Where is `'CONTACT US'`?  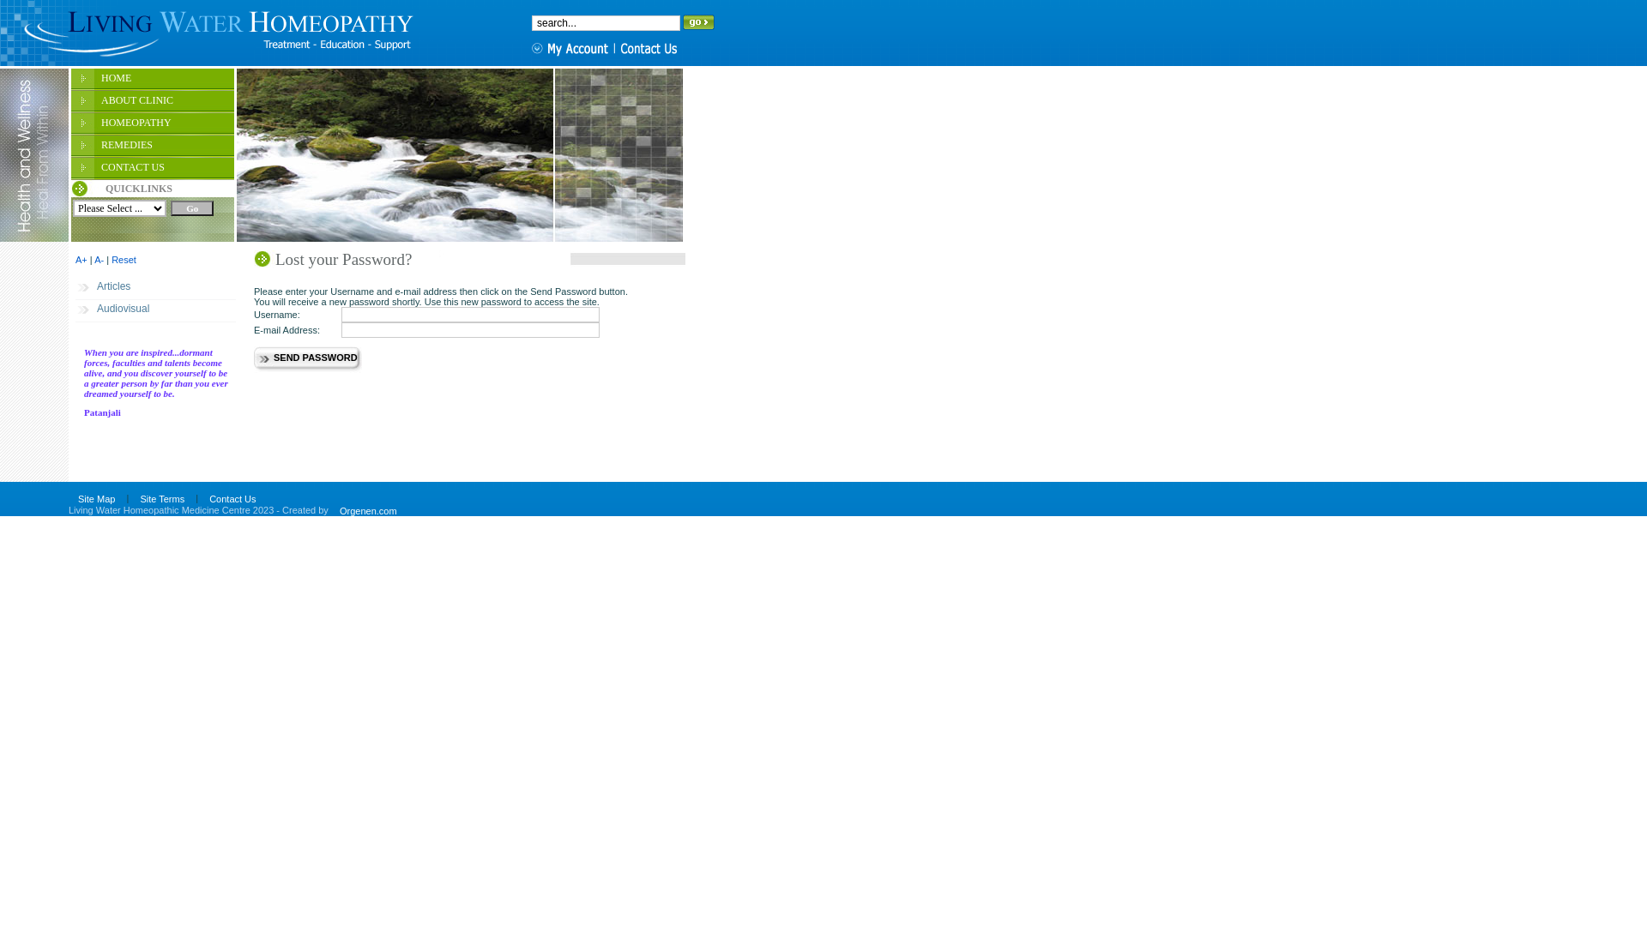 'CONTACT US' is located at coordinates (152, 168).